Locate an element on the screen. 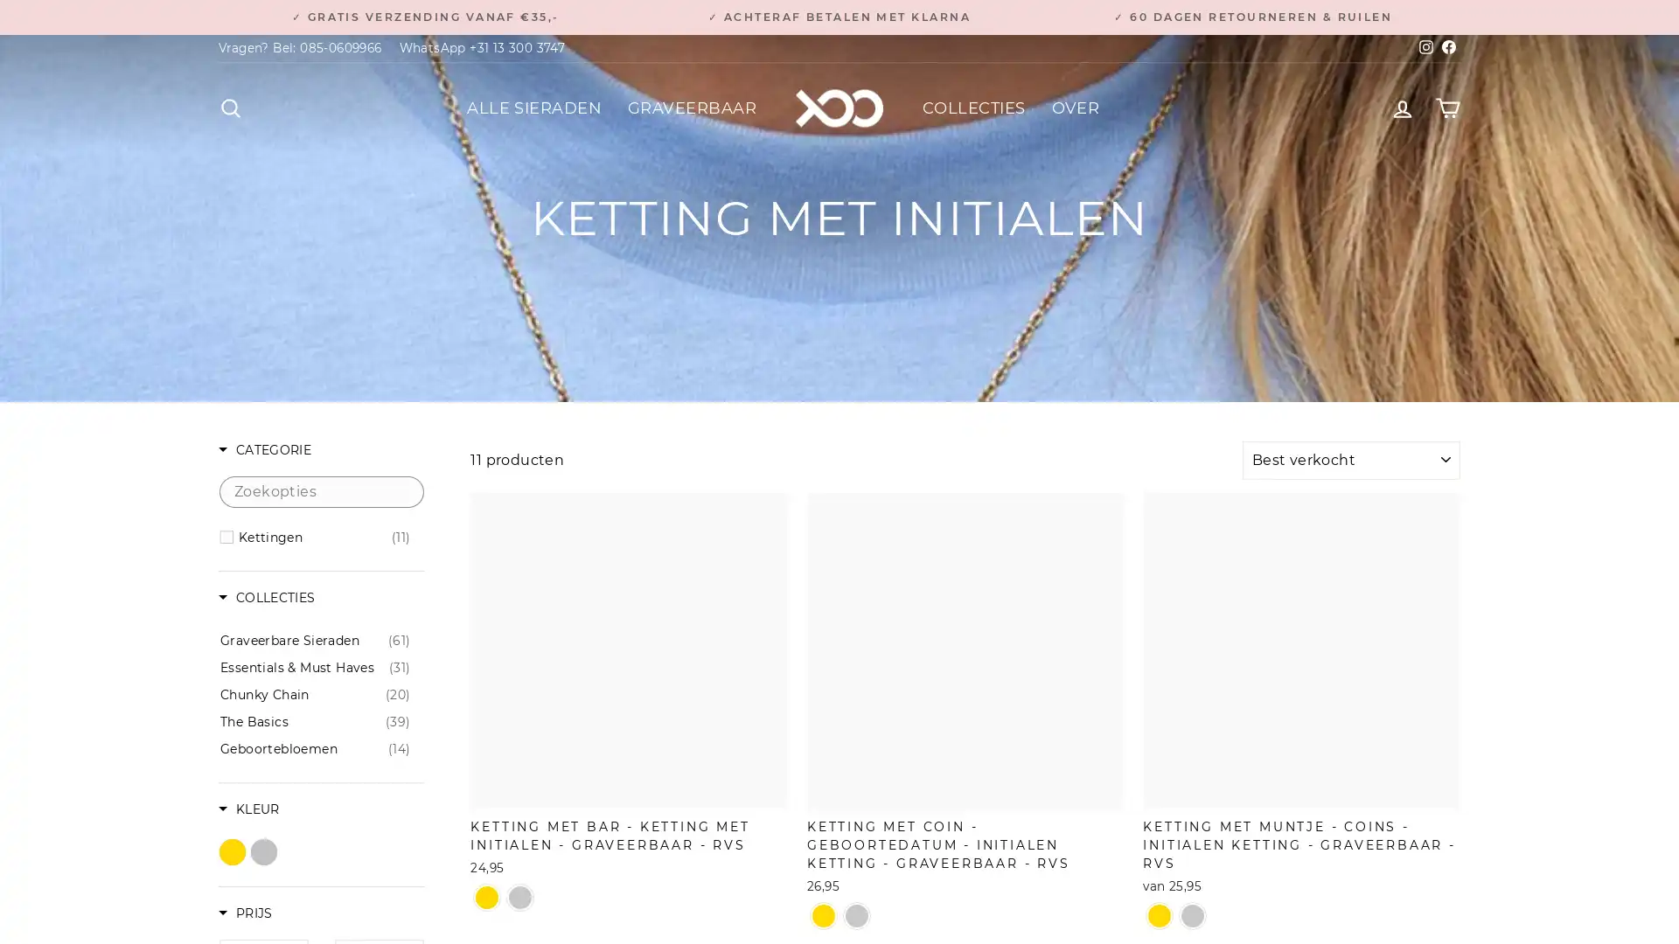 The width and height of the screenshot is (1679, 944). Filter by Collecties is located at coordinates (266, 598).